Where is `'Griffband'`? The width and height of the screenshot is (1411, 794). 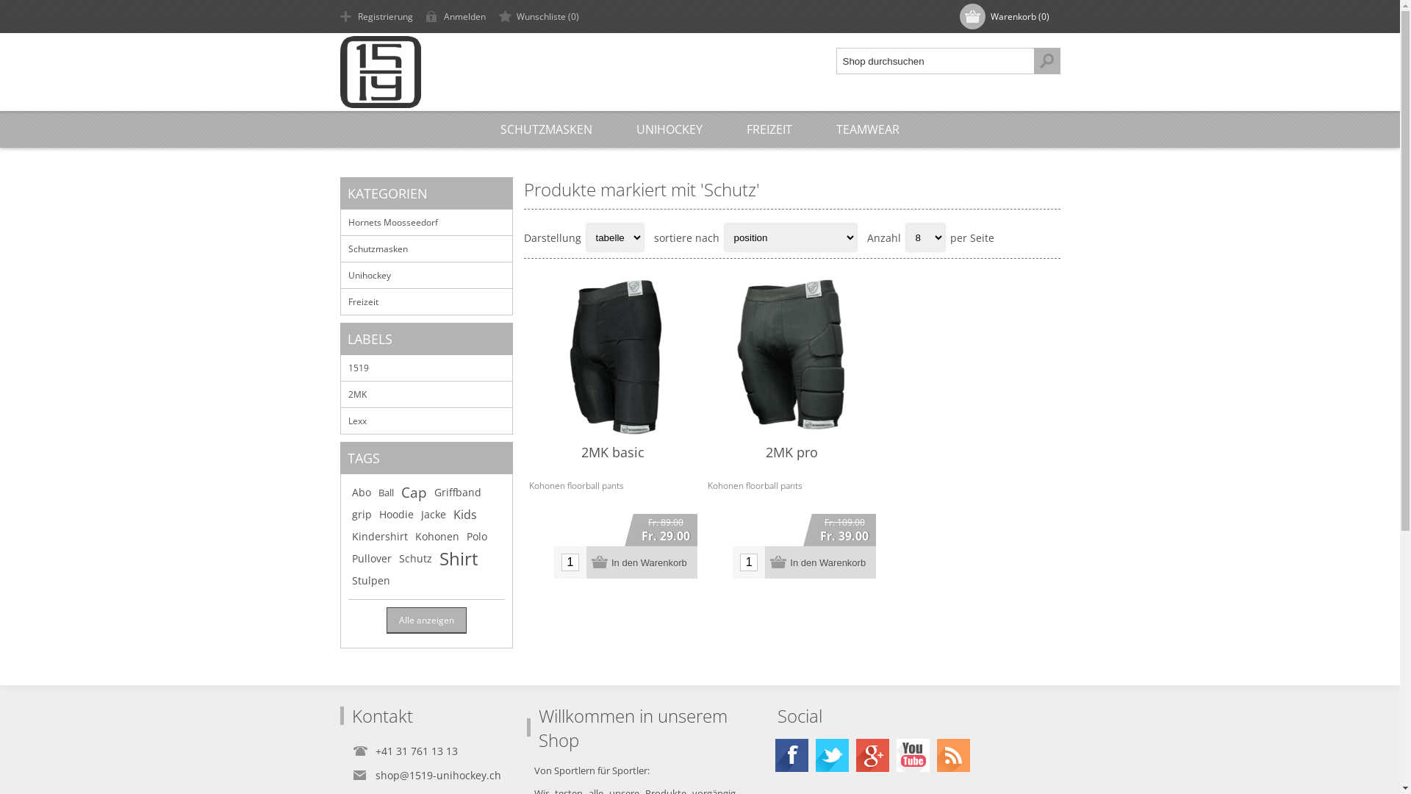 'Griffband' is located at coordinates (433, 493).